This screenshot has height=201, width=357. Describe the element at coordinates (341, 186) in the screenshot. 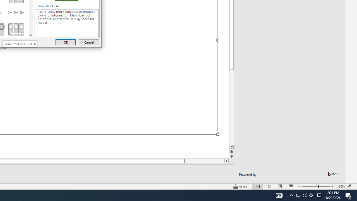

I see `'Zoom 160%'` at that location.